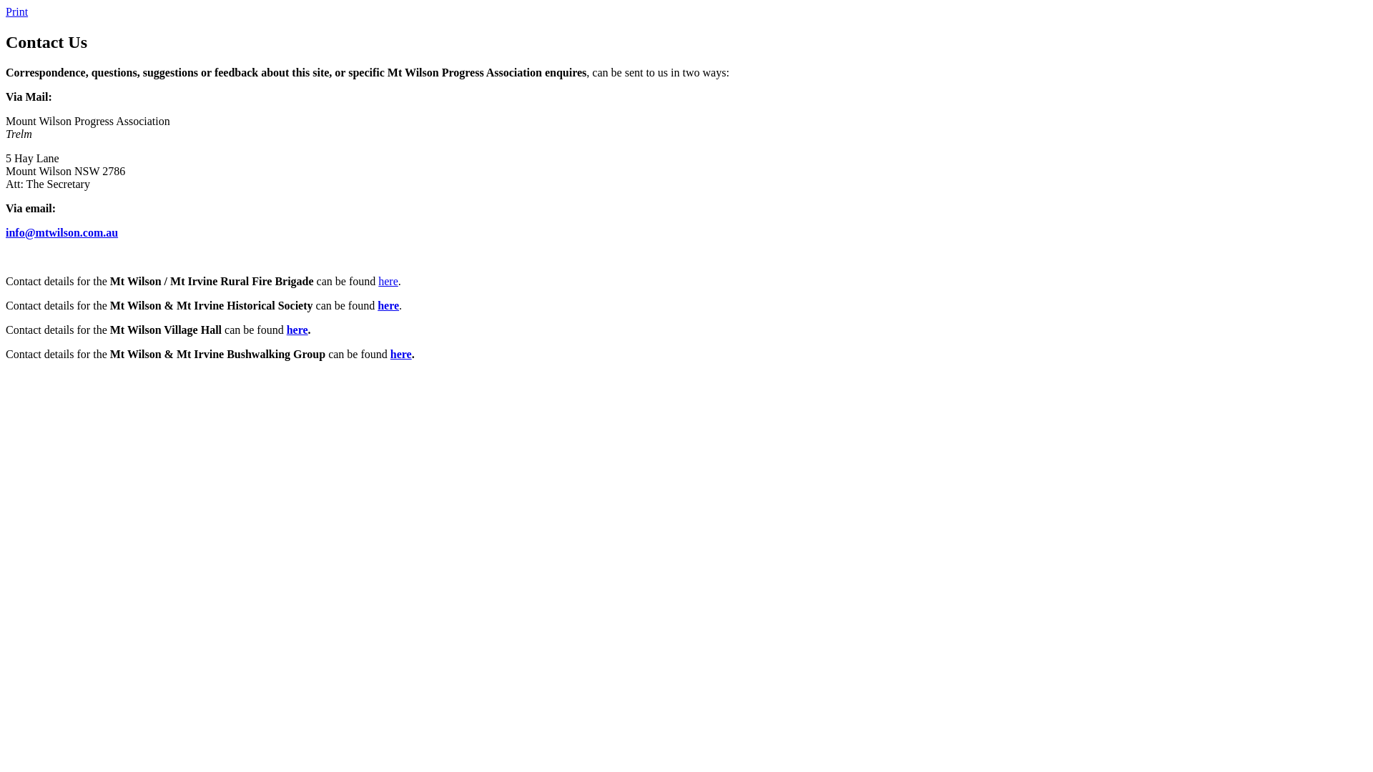 Image resolution: width=1373 pixels, height=772 pixels. What do you see at coordinates (297, 330) in the screenshot?
I see `'here'` at bounding box center [297, 330].